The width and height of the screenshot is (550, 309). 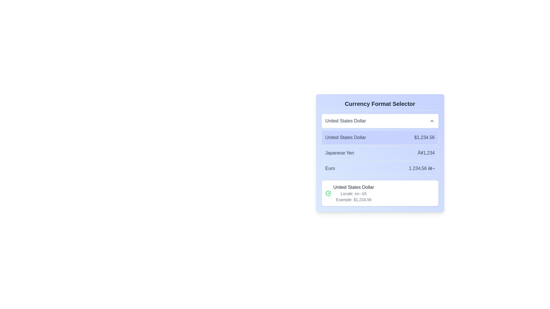 What do you see at coordinates (353, 199) in the screenshot?
I see `the static text label that illustrates a monetary value formatted for the United States Dollar, located below the text 'Locale: en-US' in the 'Currency Format Selector' section` at bounding box center [353, 199].